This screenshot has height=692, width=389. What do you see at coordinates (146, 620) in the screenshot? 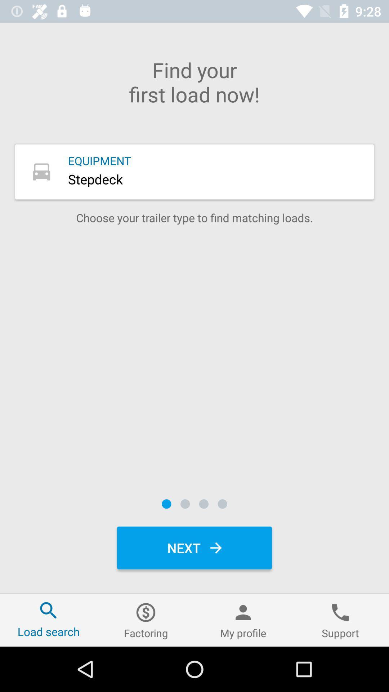
I see `the item next to the my profile` at bounding box center [146, 620].